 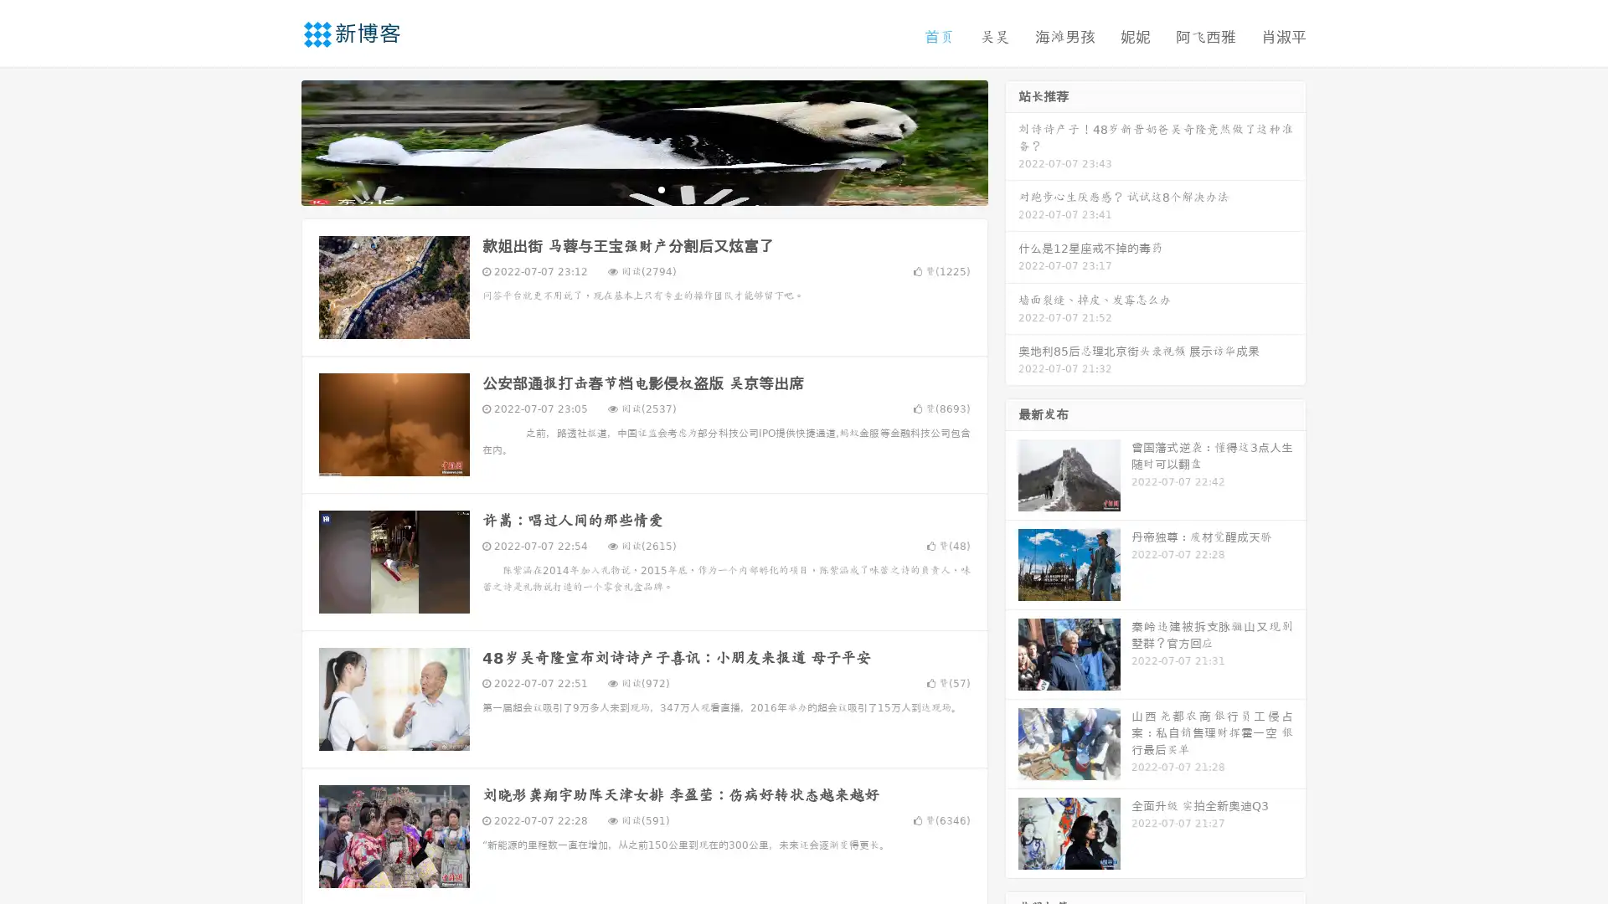 I want to click on Go to slide 3, so click(x=661, y=188).